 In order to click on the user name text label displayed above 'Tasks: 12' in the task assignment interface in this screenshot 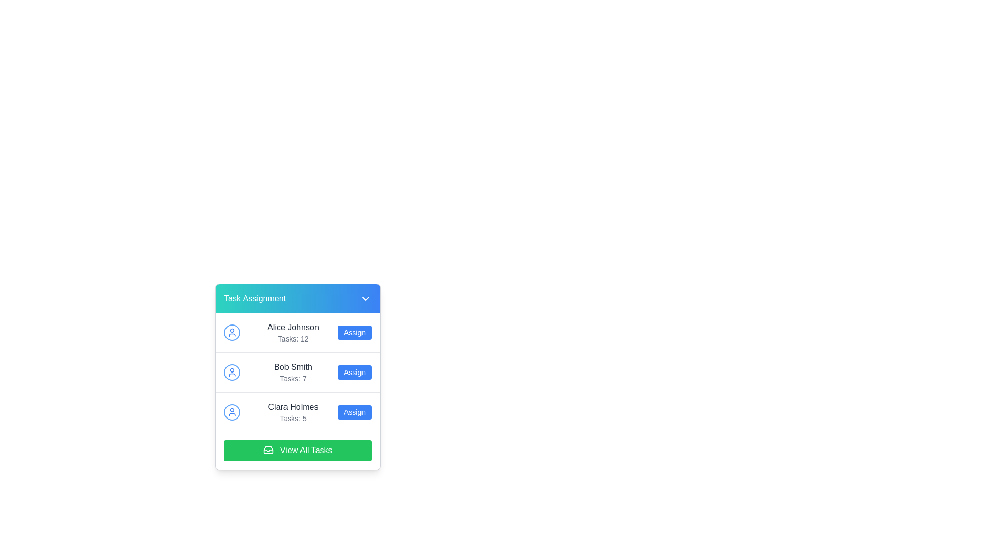, I will do `click(292, 327)`.